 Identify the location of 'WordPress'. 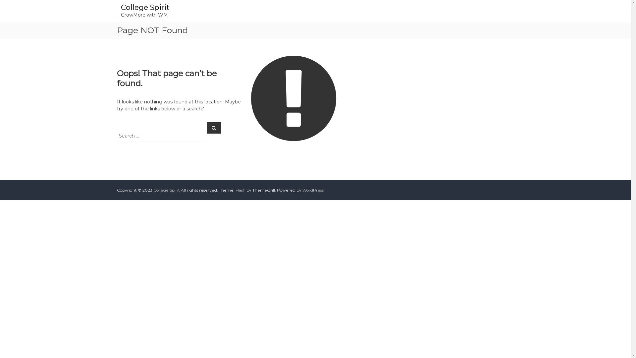
(312, 190).